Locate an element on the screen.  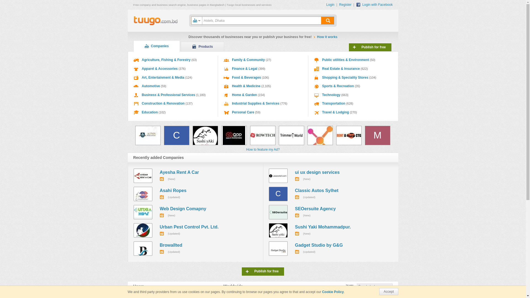
'www.tuugo.com.bd' is located at coordinates (155, 21).